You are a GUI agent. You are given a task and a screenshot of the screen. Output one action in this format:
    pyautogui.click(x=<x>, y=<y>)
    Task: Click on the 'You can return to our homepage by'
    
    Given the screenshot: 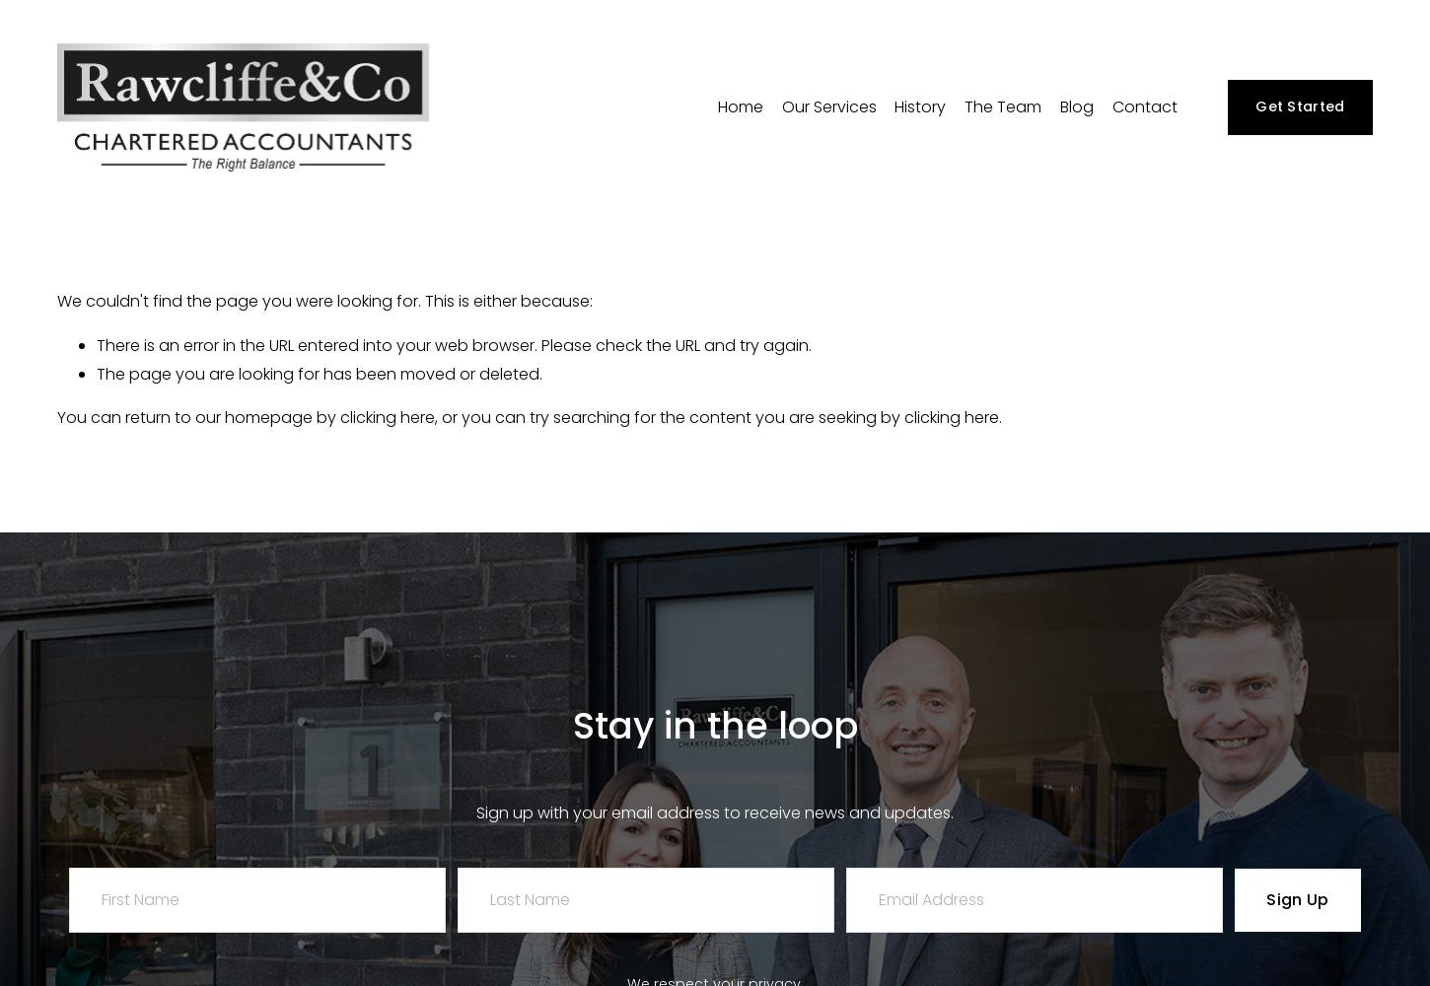 What is the action you would take?
    pyautogui.click(x=197, y=417)
    